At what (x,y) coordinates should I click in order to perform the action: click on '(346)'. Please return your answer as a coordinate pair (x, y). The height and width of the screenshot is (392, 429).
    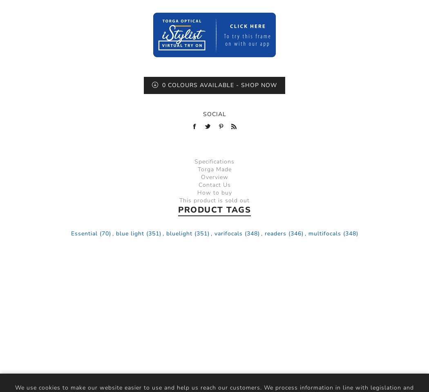
    Looking at the image, I should click on (295, 233).